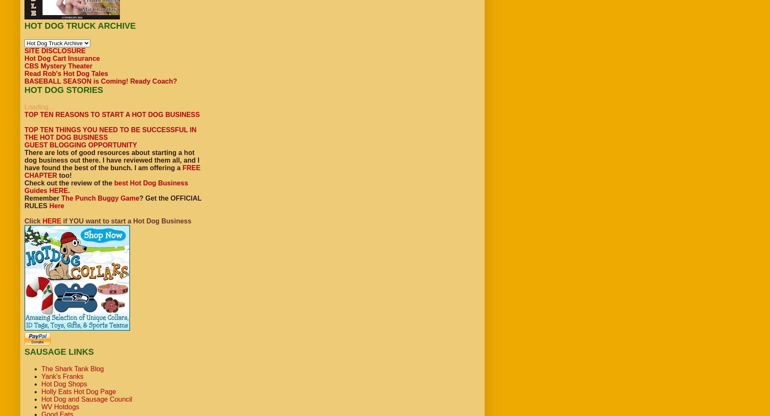  Describe the element at coordinates (63, 89) in the screenshot. I see `'Hot Dog Stories'` at that location.